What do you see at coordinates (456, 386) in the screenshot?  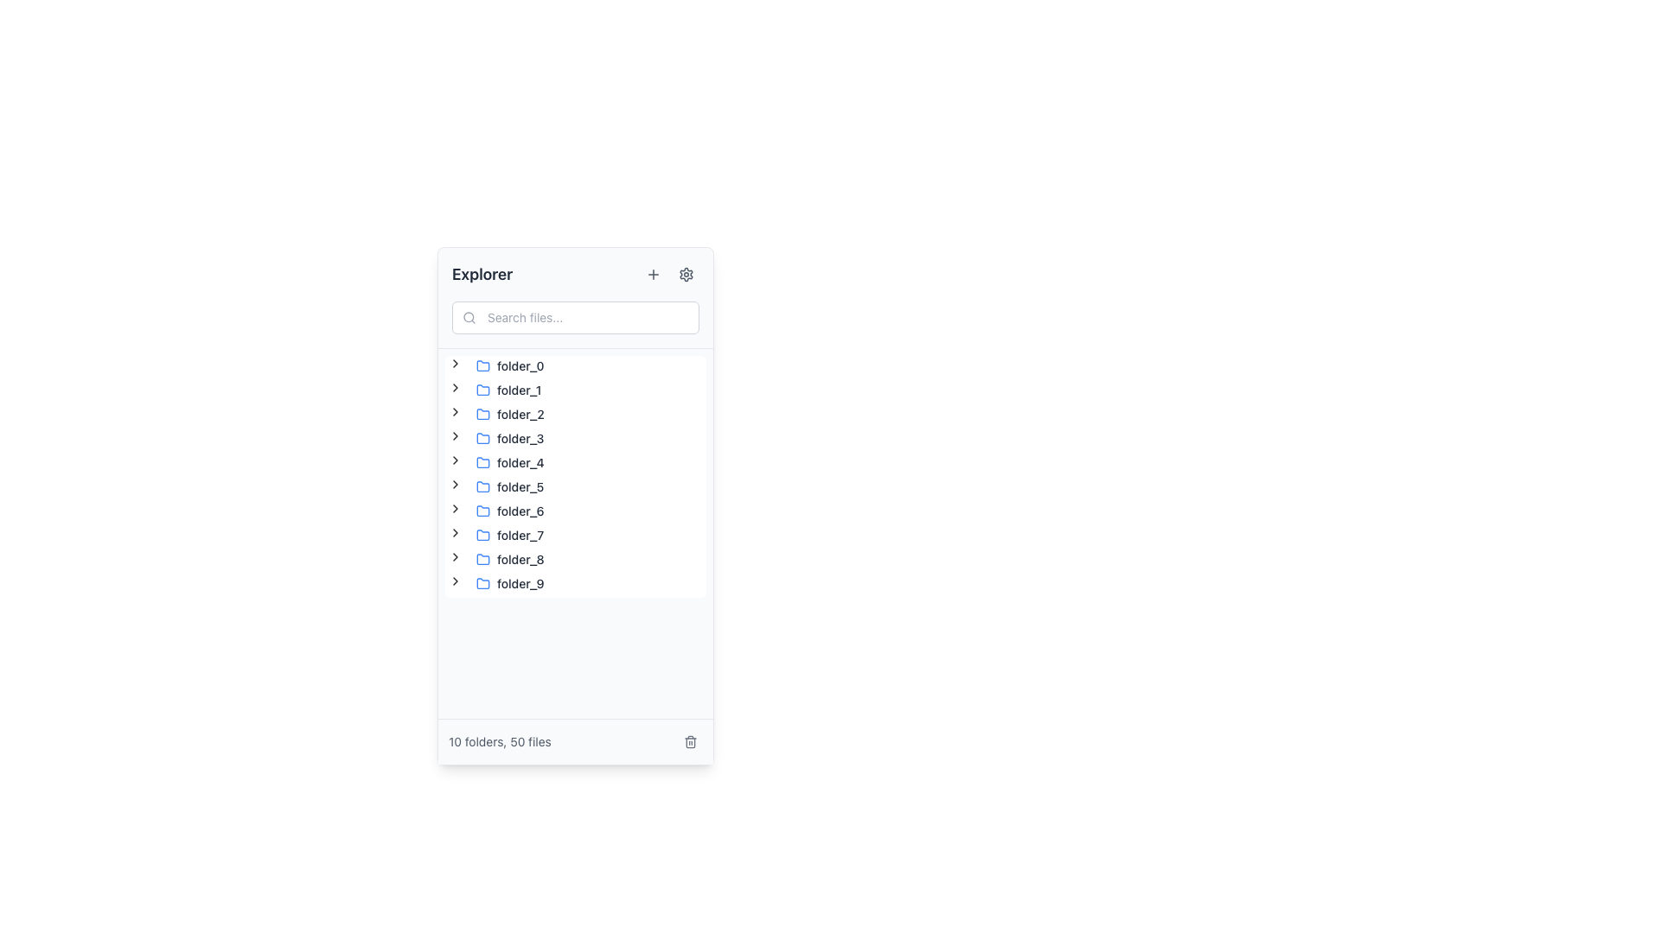 I see `the toggle button with an arrow chevron icon next to the 'folder_1' label` at bounding box center [456, 386].